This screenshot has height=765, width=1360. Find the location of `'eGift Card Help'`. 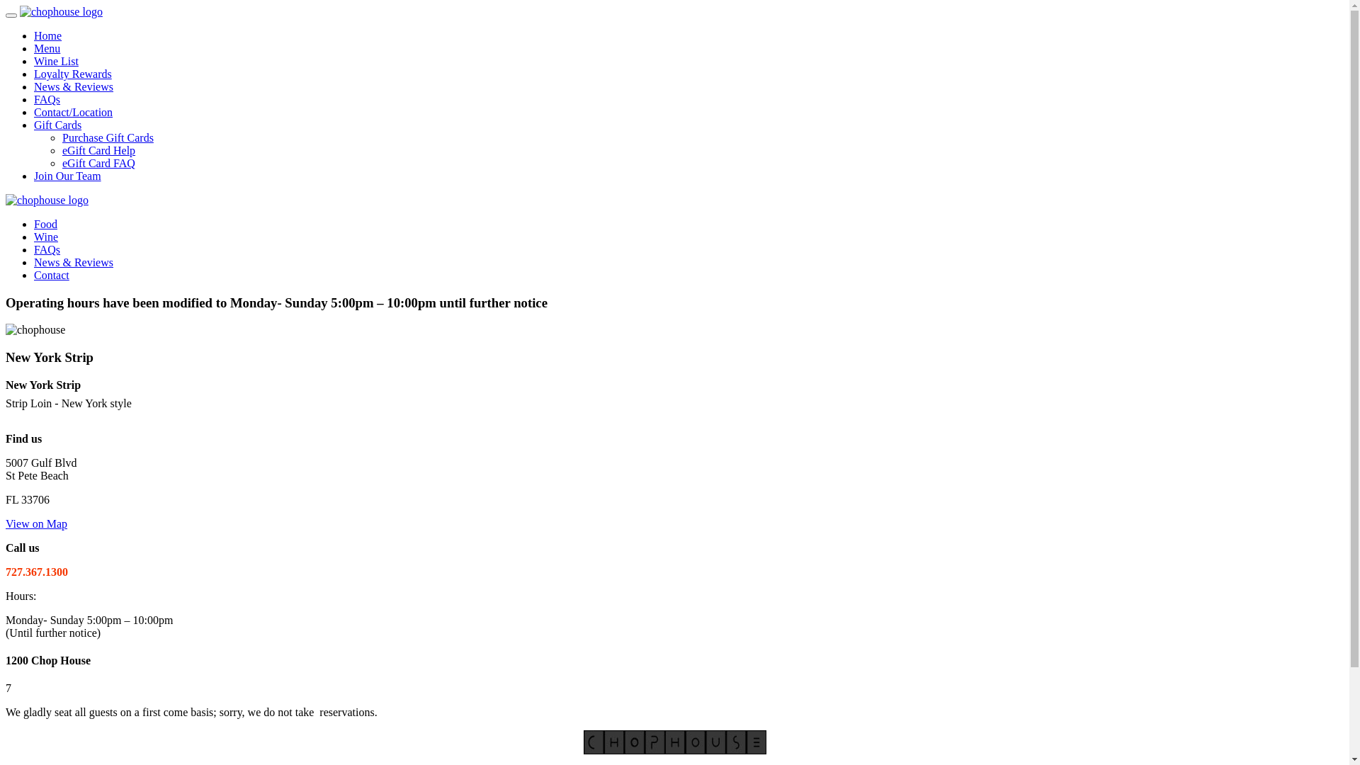

'eGift Card Help' is located at coordinates (98, 150).